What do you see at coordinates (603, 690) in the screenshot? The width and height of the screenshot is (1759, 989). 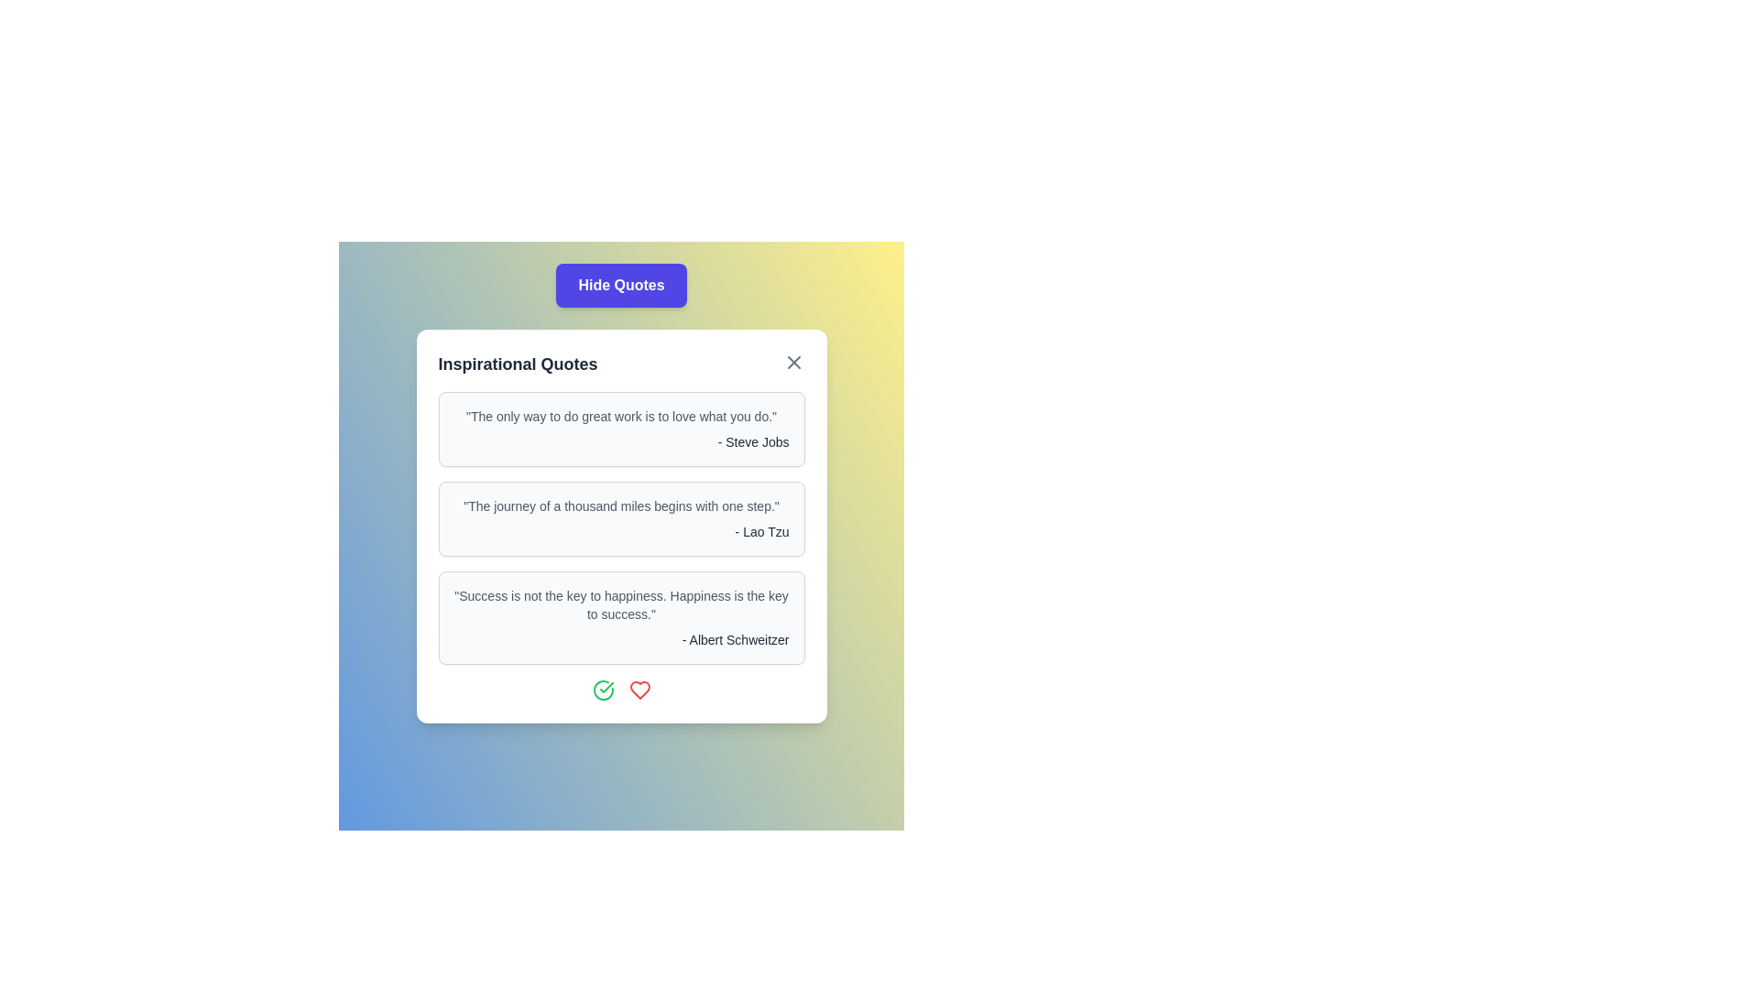 I see `the confirmation icon located at the bottom left of the modal window, which indicates a successful action and is positioned to the left of a heart-shaped icon` at bounding box center [603, 690].